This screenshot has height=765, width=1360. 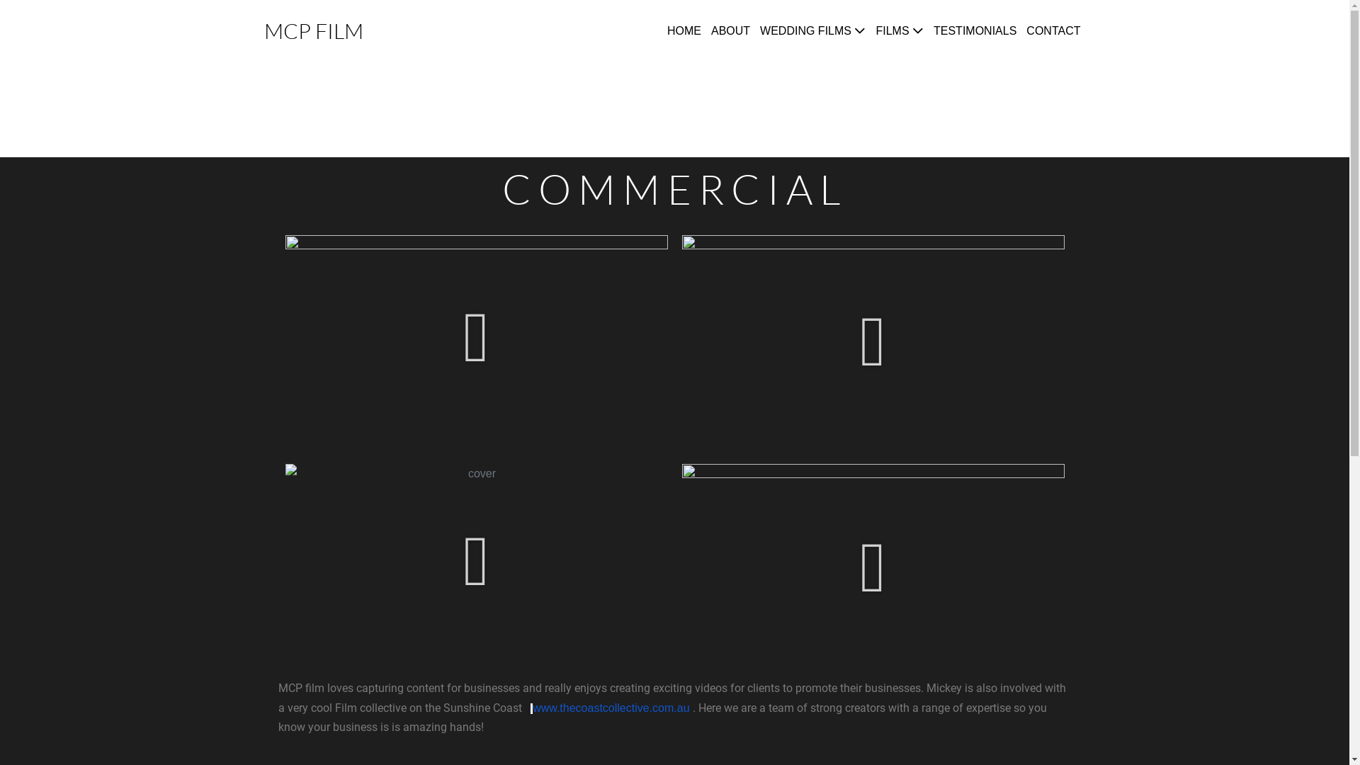 I want to click on 'FILMS', so click(x=899, y=30).